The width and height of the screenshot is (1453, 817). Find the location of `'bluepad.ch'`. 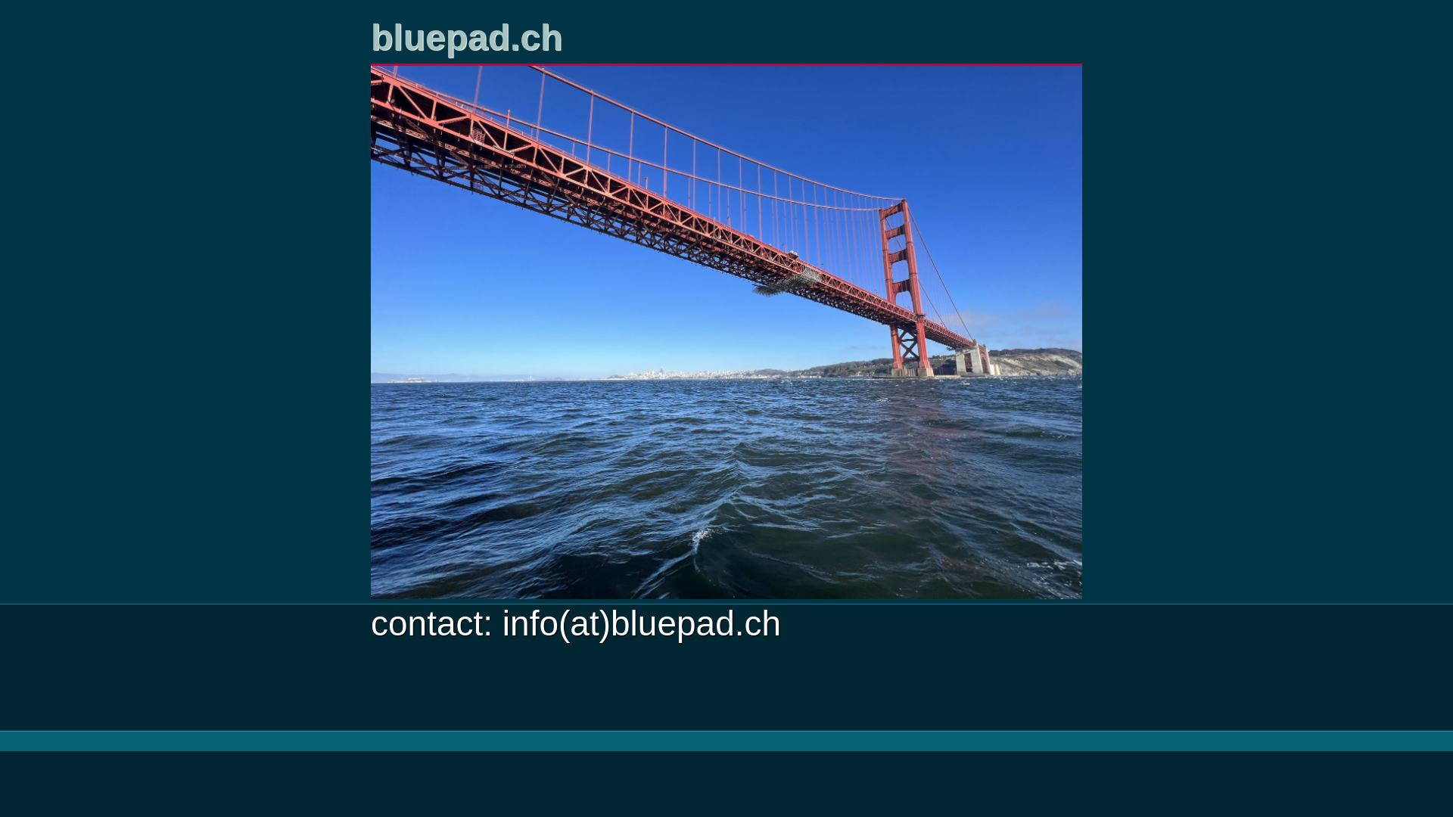

'bluepad.ch' is located at coordinates (475, 38).